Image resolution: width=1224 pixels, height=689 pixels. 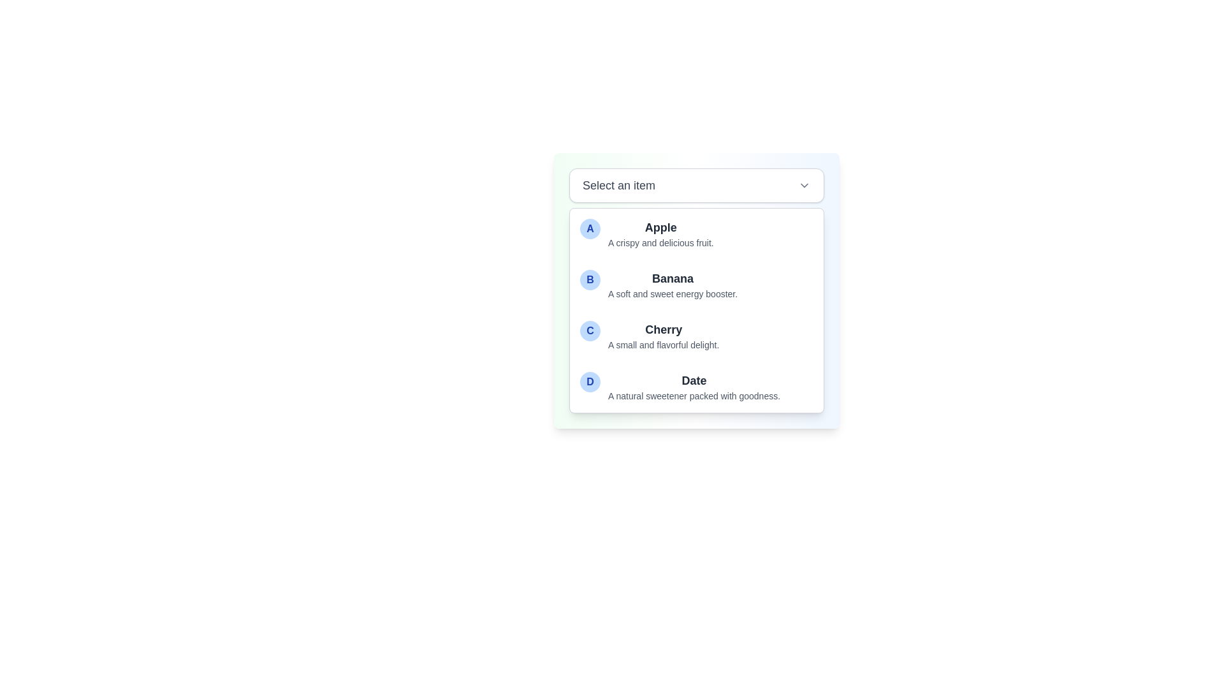 I want to click on the list item labeled 'Cherry', so click(x=663, y=336).